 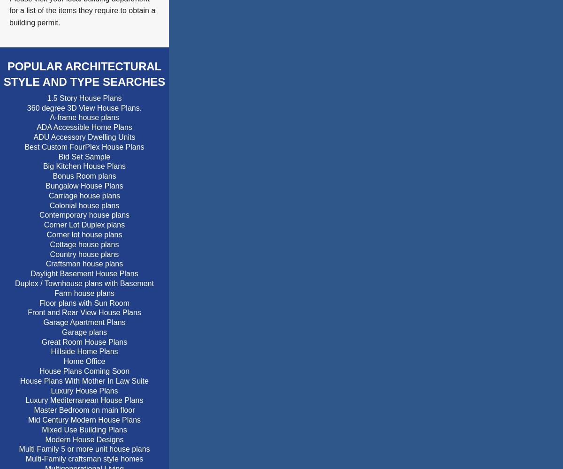 What do you see at coordinates (84, 273) in the screenshot?
I see `'Daylight Basement House Plans'` at bounding box center [84, 273].